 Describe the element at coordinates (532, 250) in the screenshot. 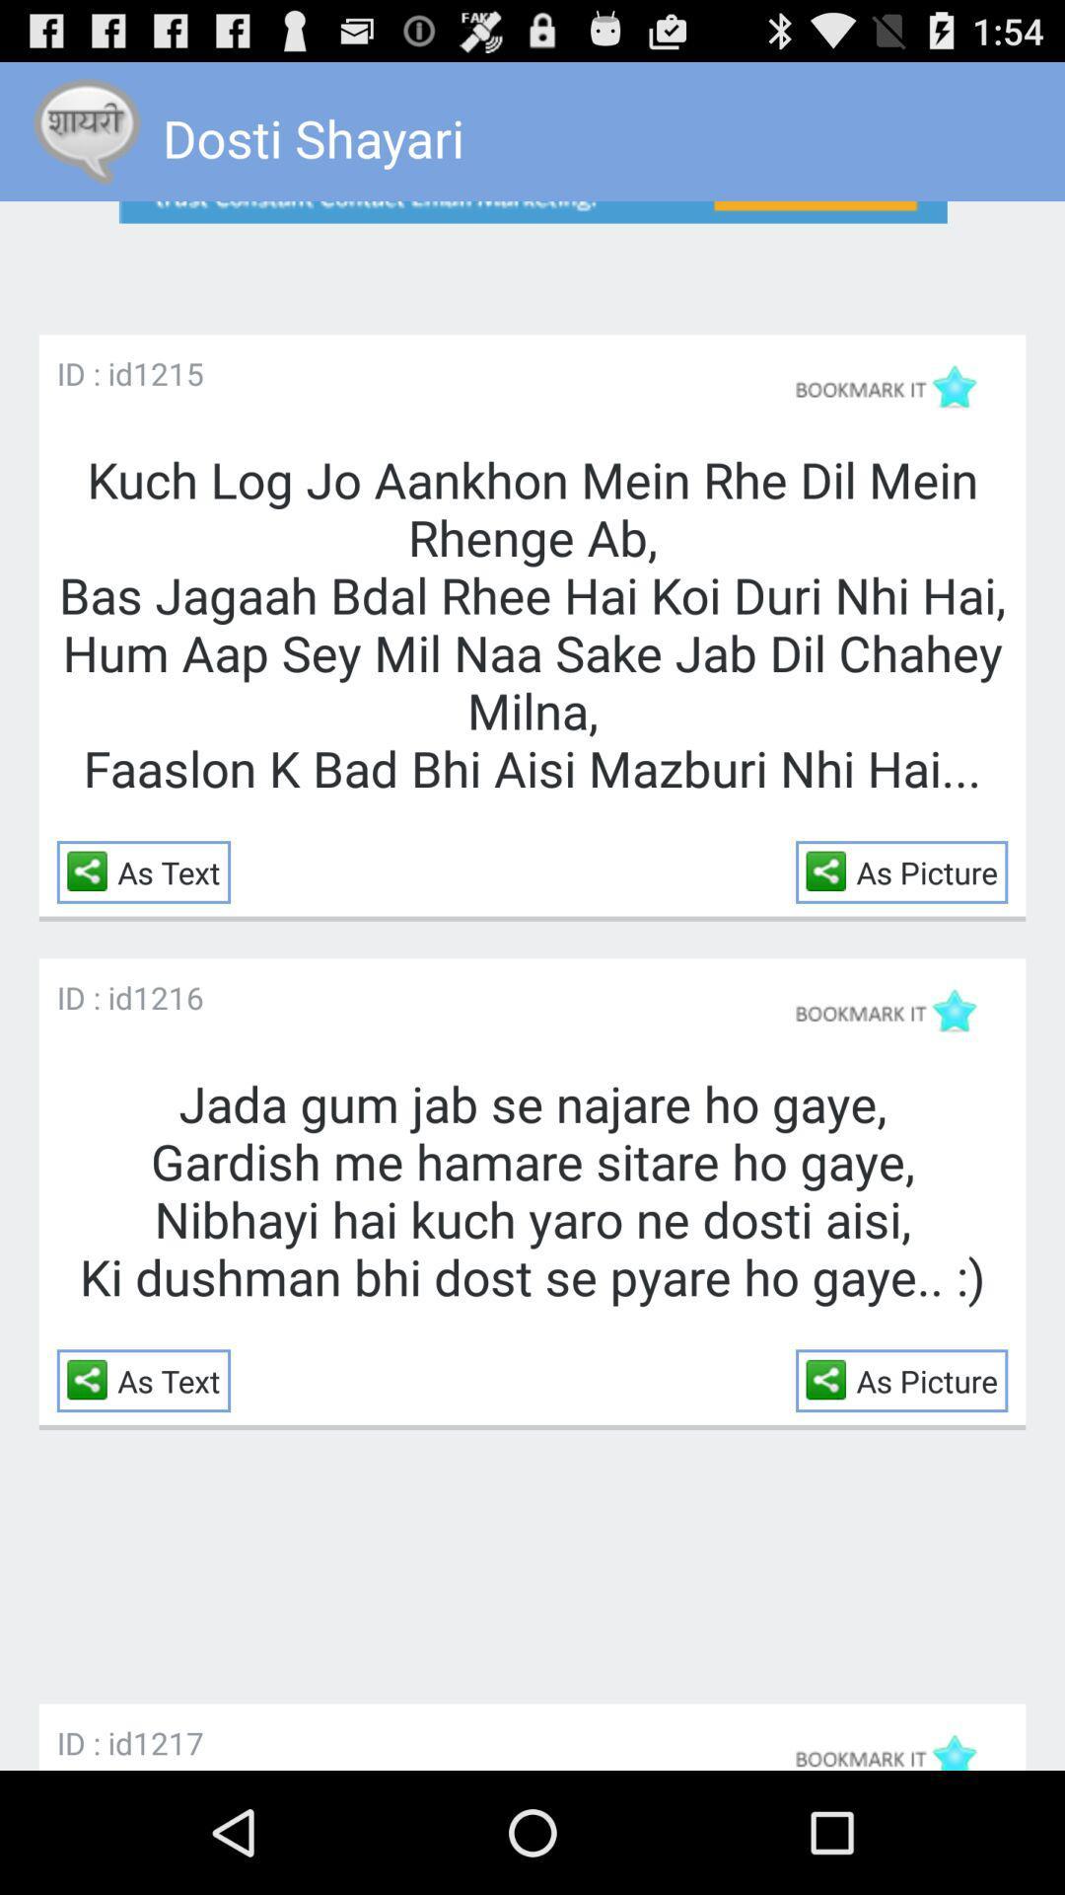

I see `open the advertisement` at that location.